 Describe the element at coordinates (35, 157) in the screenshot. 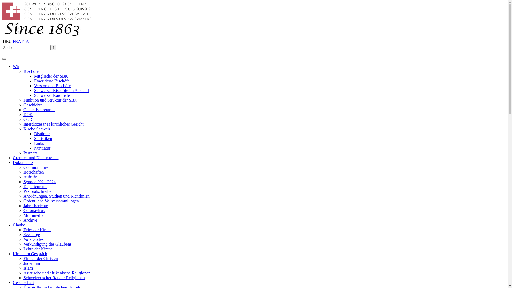

I see `'Gremien und Dienststellen'` at that location.